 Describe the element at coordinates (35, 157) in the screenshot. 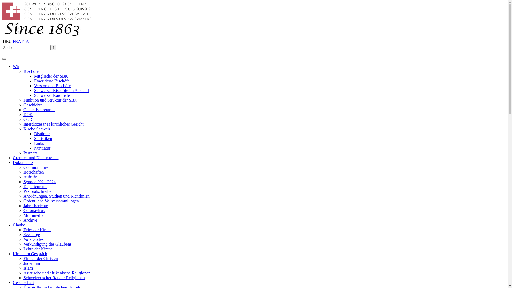

I see `'Gremien und Dienststellen'` at that location.